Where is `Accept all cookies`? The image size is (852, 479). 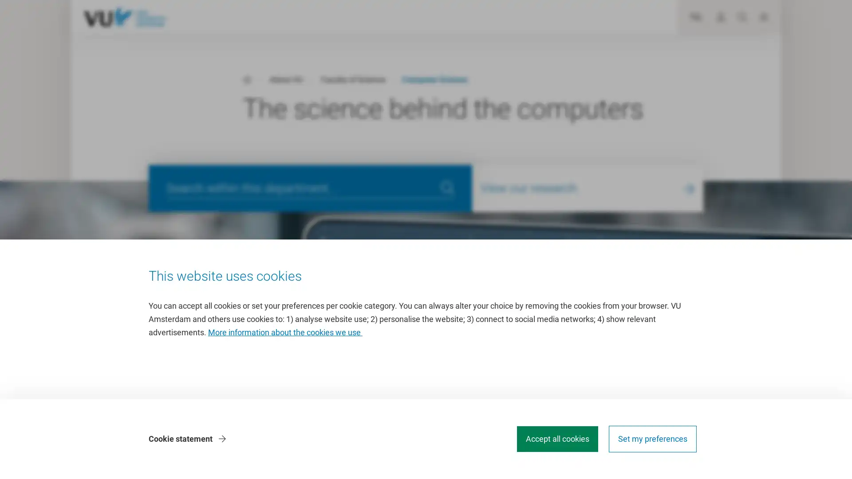
Accept all cookies is located at coordinates (557, 439).